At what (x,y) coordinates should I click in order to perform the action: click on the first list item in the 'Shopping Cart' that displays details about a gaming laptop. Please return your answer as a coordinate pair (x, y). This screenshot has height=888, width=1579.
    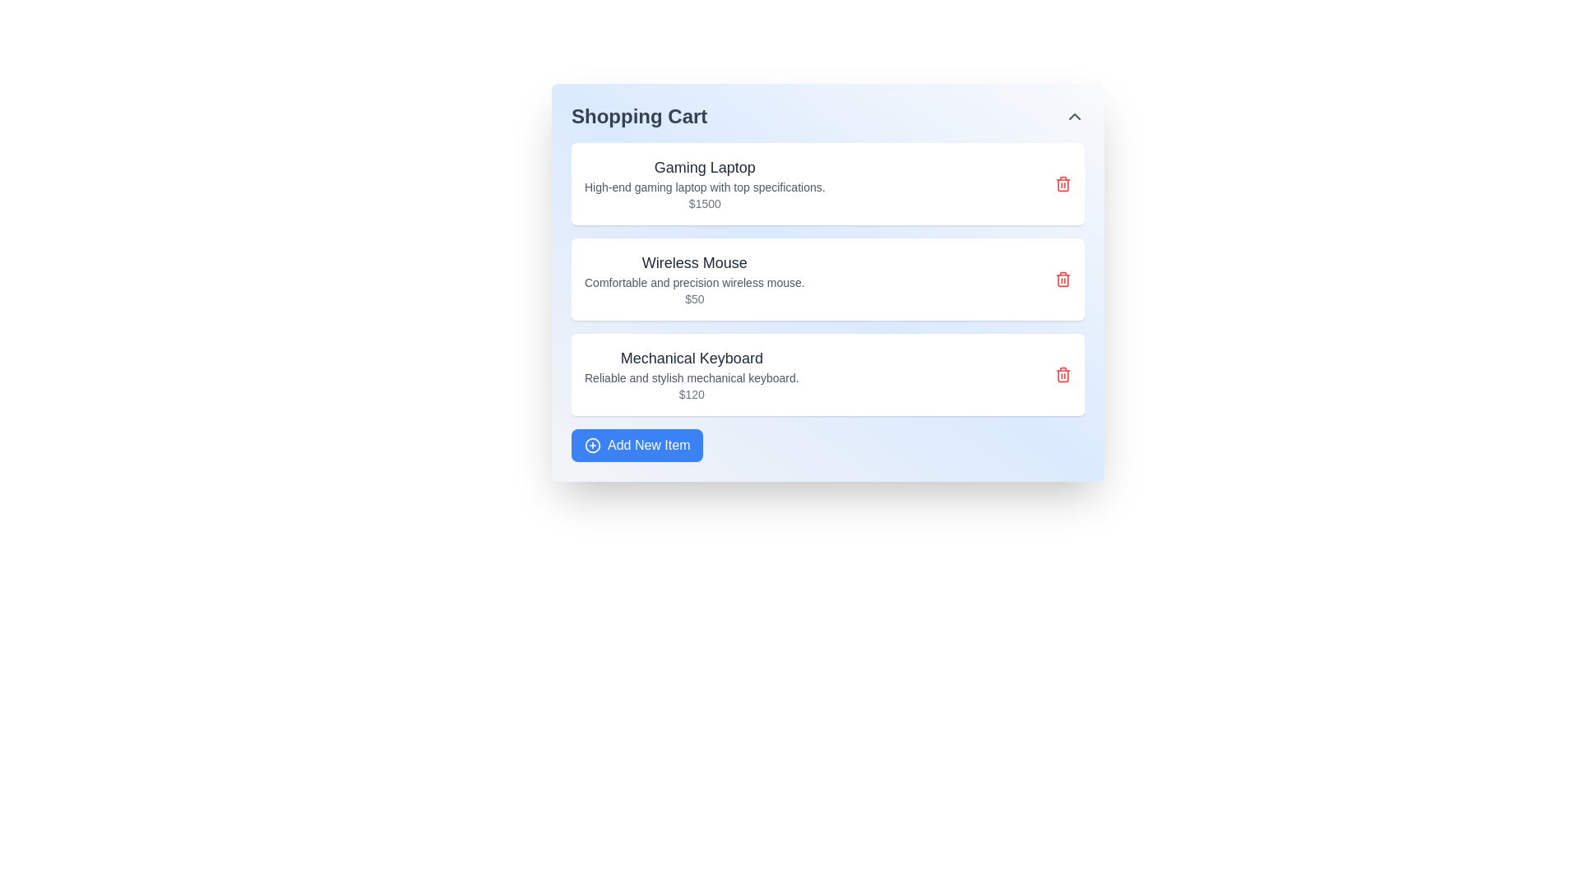
    Looking at the image, I should click on (828, 183).